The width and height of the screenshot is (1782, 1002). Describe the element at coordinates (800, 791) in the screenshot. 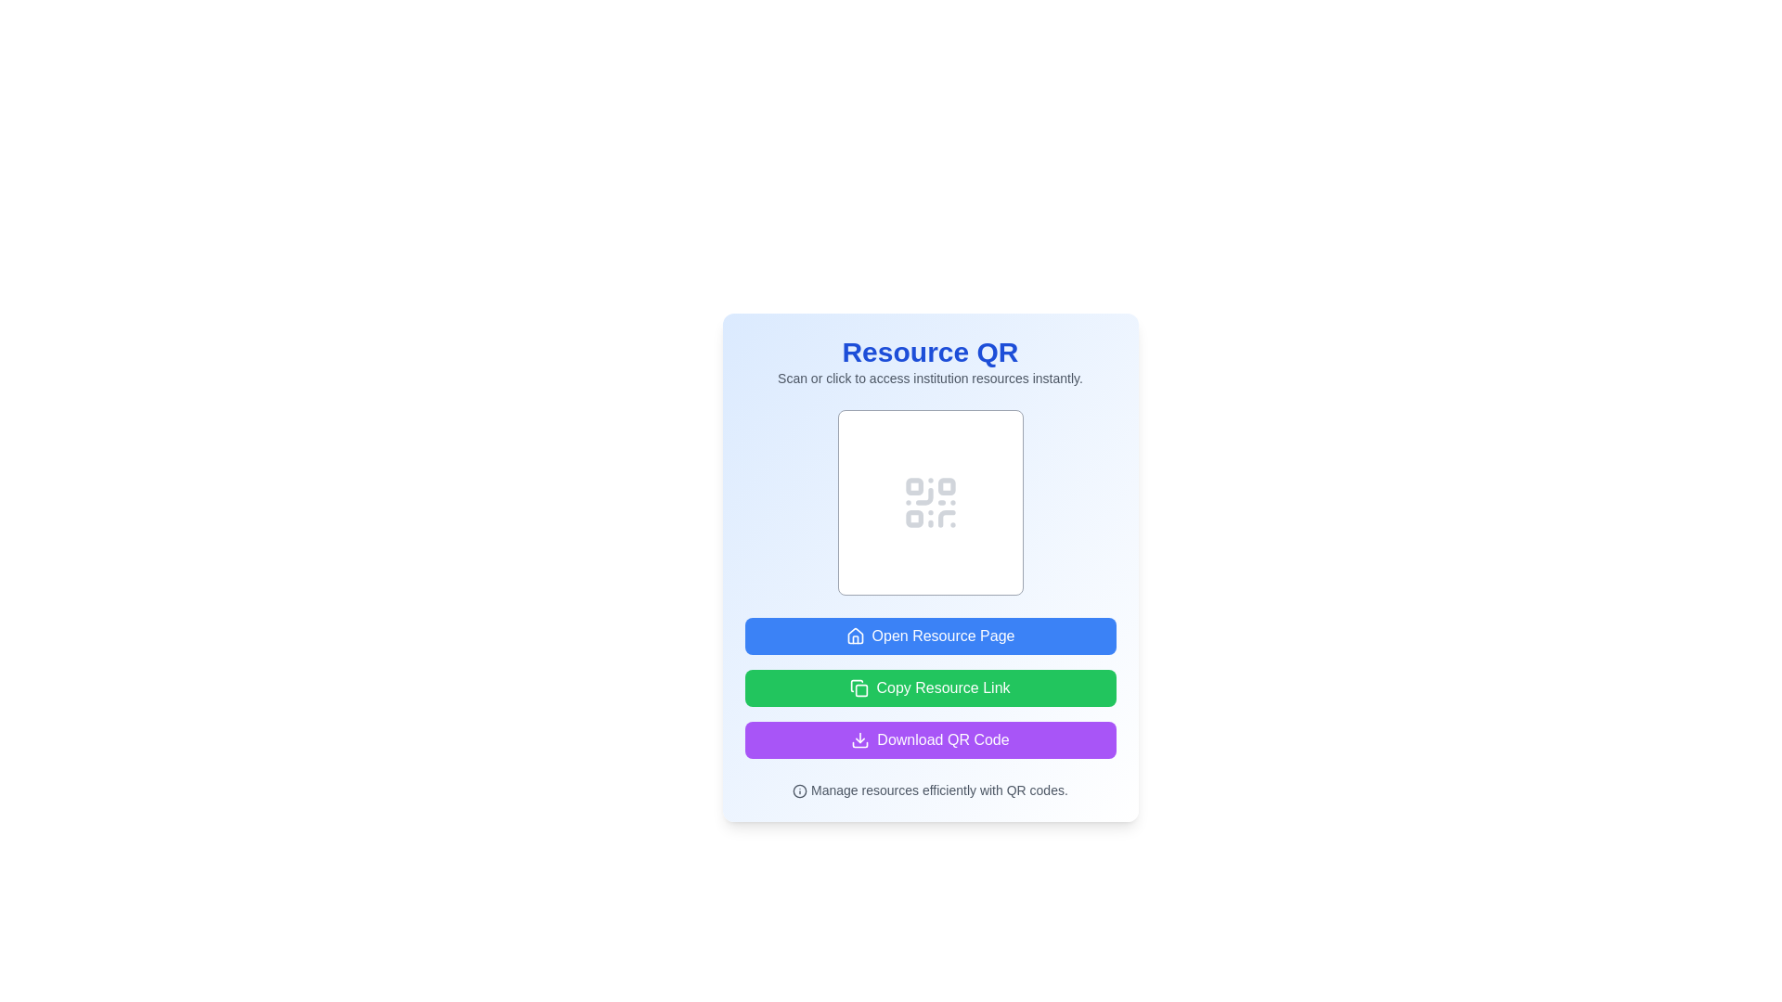

I see `the central circular graphical element that forms the foundational outline of the icon` at that location.